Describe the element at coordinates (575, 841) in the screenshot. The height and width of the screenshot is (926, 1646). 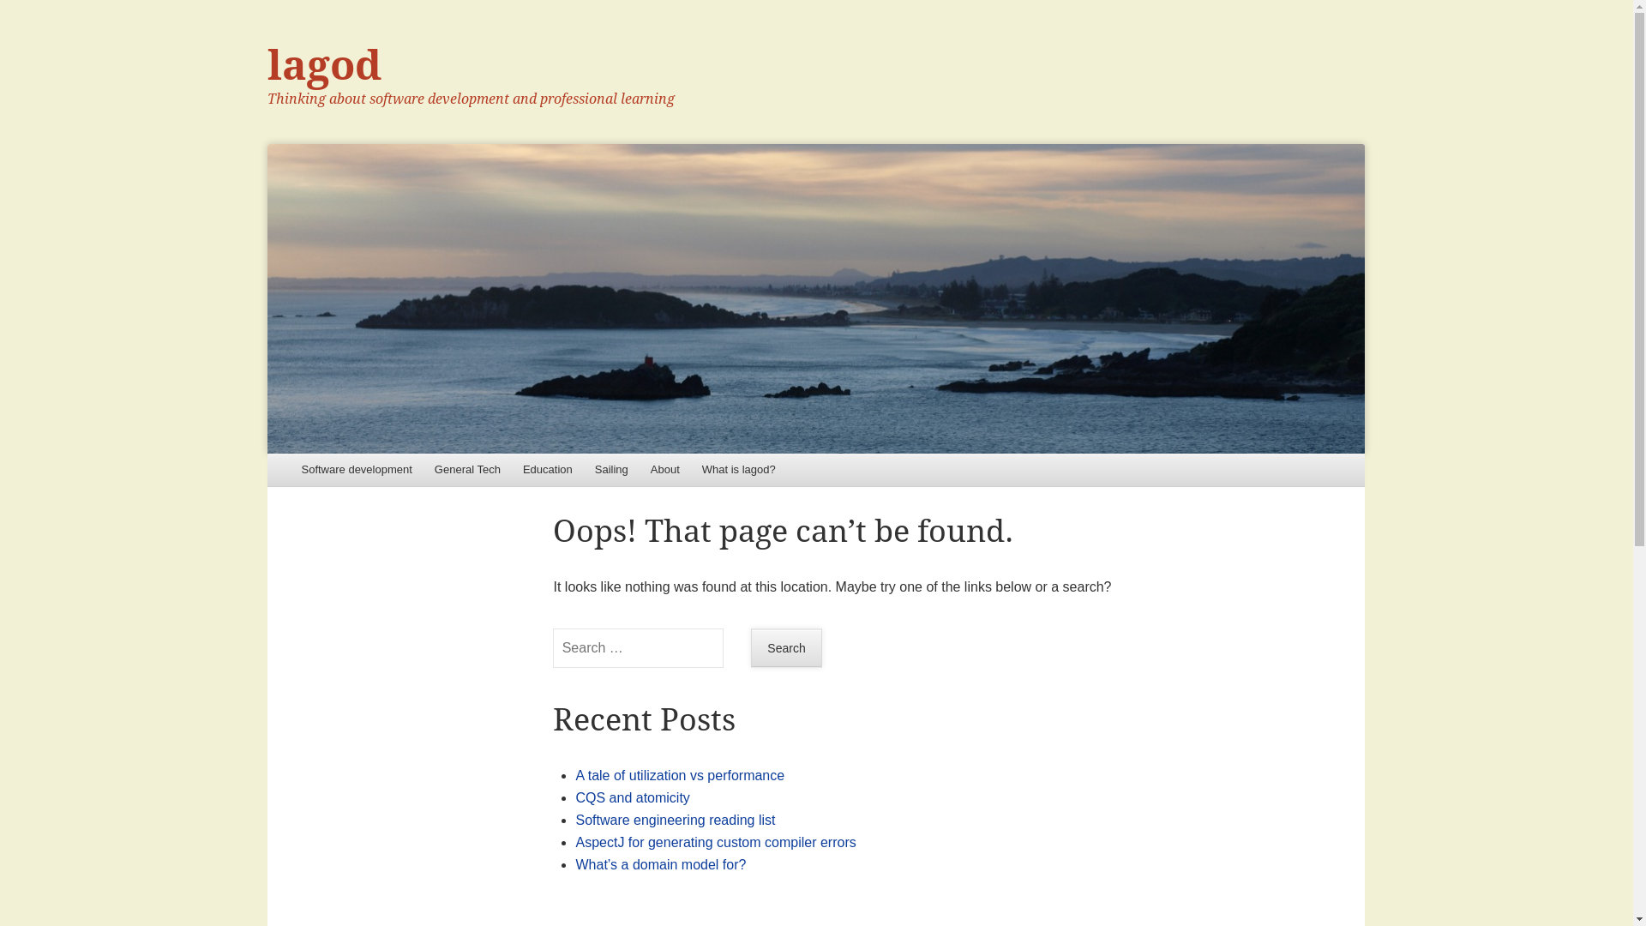
I see `'AspectJ for generating custom compiler errors'` at that location.